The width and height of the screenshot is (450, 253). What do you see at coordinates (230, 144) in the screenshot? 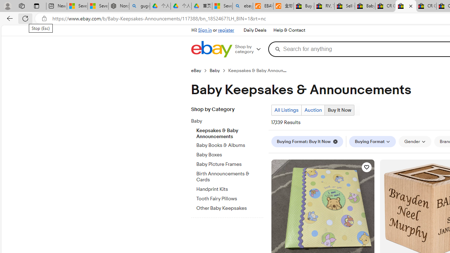
I see `'Baby Books & Albums'` at bounding box center [230, 144].